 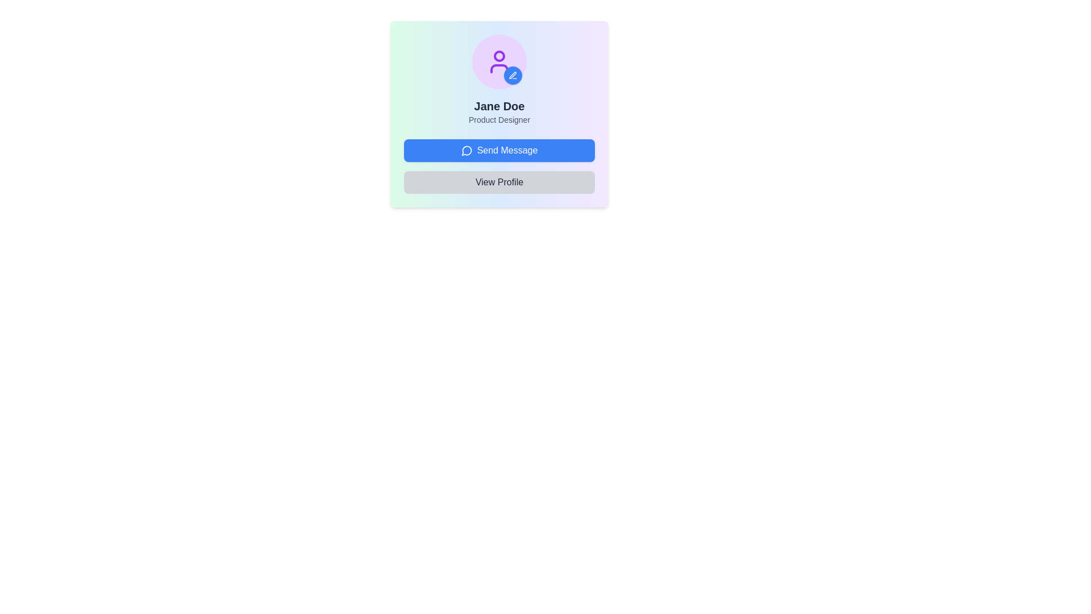 I want to click on the edit button located at the bottom-right corner of the circular user profile area to change its color, so click(x=512, y=75).